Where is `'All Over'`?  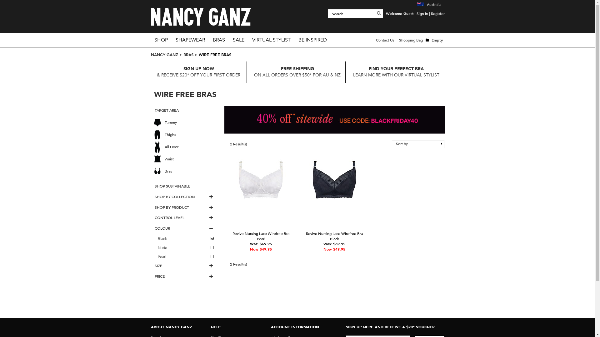
'All Over' is located at coordinates (185, 147).